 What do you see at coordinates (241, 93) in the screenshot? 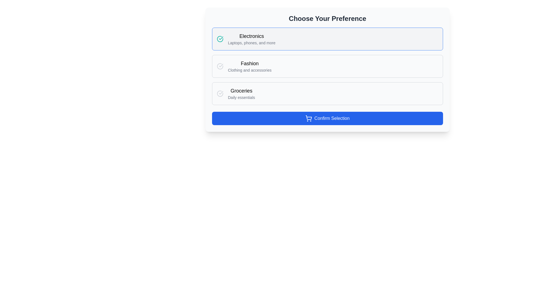
I see `the text label element labeled 'Groceries', which is part of a selectable card in the preference-selection interface` at bounding box center [241, 93].